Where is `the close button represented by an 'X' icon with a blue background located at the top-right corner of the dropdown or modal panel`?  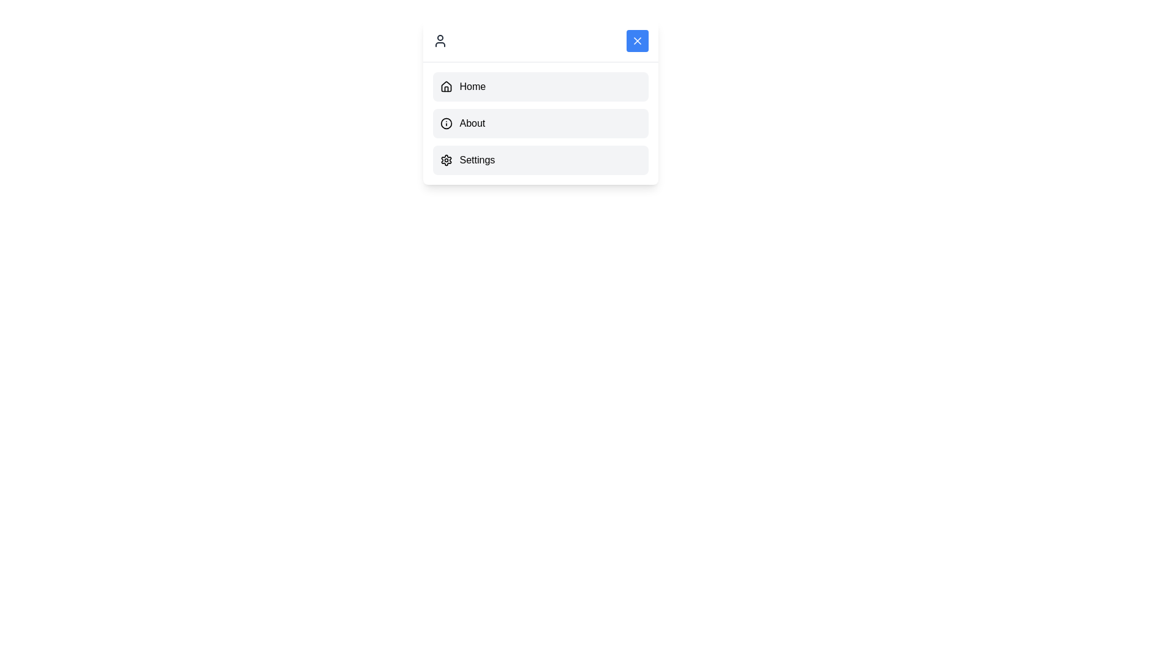 the close button represented by an 'X' icon with a blue background located at the top-right corner of the dropdown or modal panel is located at coordinates (637, 40).